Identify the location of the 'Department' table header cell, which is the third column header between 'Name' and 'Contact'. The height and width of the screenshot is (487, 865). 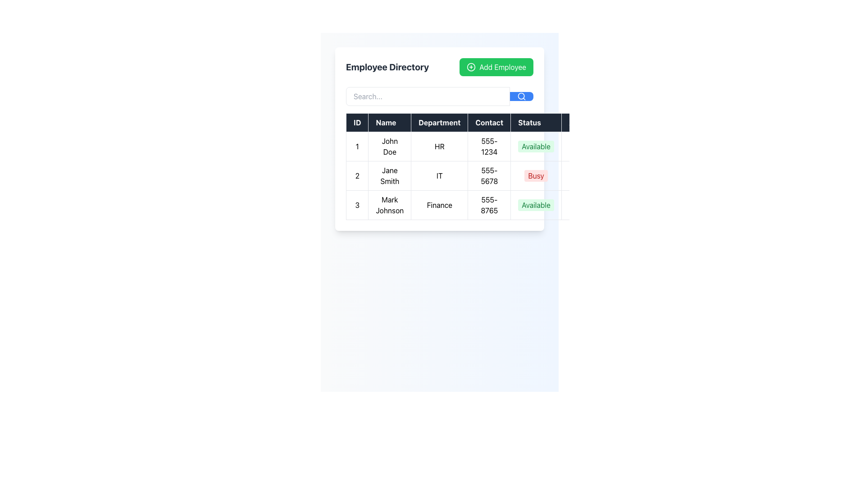
(439, 123).